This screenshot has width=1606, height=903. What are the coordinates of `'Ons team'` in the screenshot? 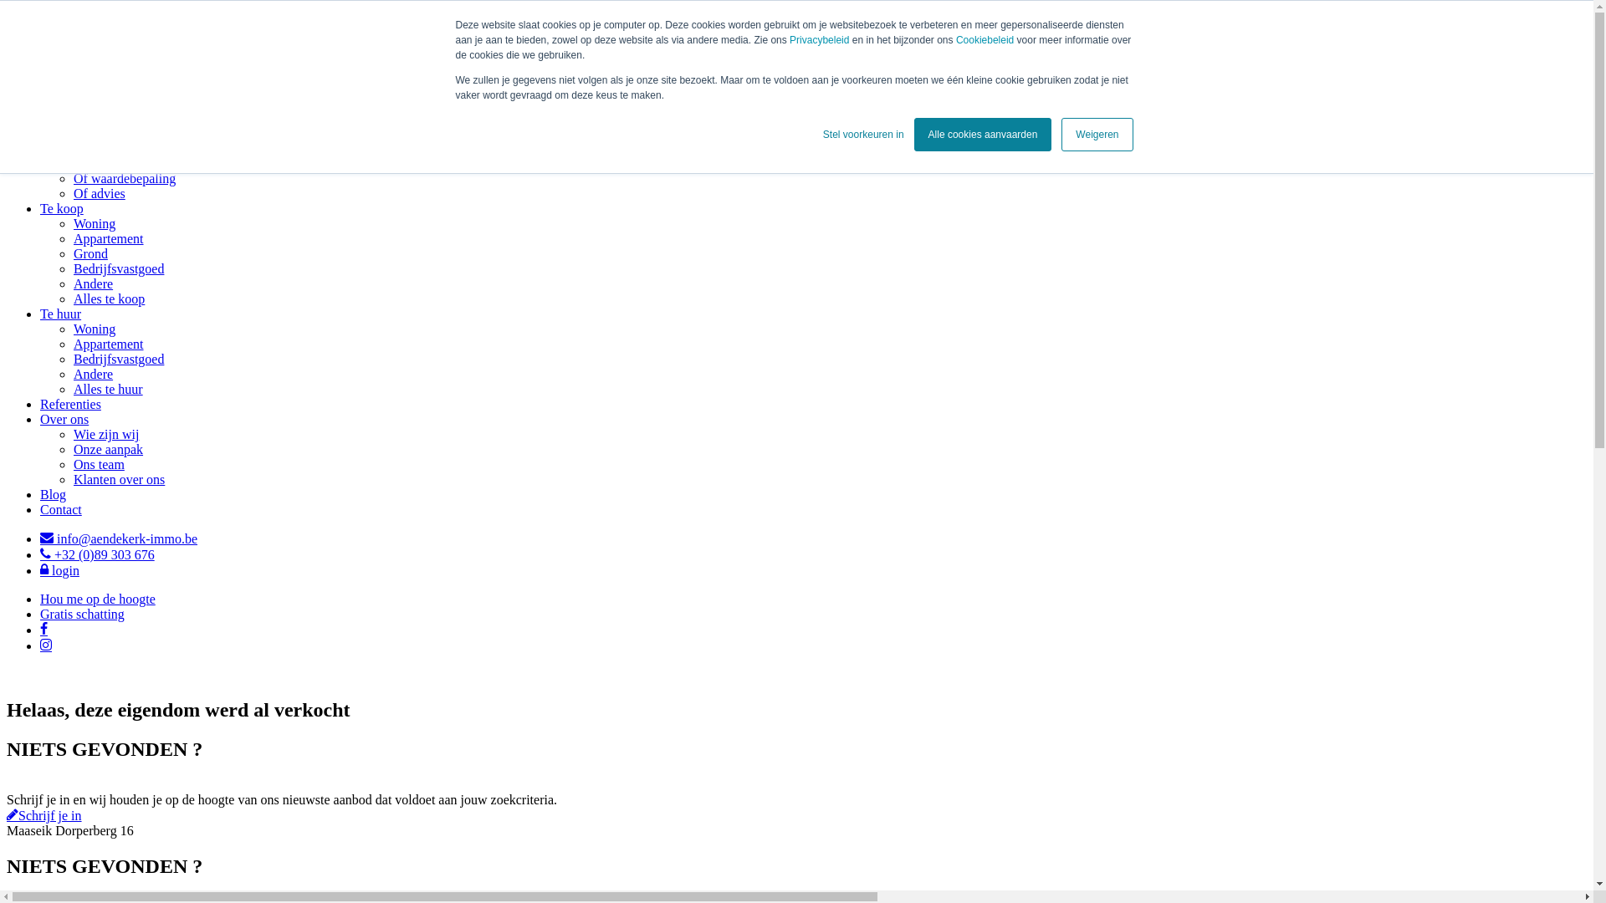 It's located at (98, 464).